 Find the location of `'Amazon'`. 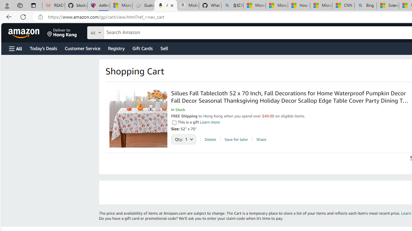

'Amazon' is located at coordinates (24, 32).